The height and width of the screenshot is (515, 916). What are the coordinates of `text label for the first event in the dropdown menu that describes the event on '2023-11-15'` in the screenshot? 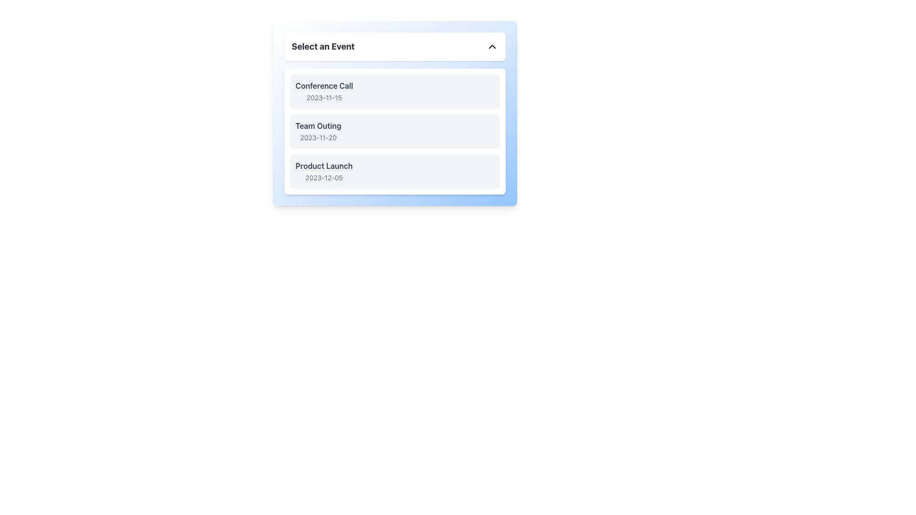 It's located at (324, 86).